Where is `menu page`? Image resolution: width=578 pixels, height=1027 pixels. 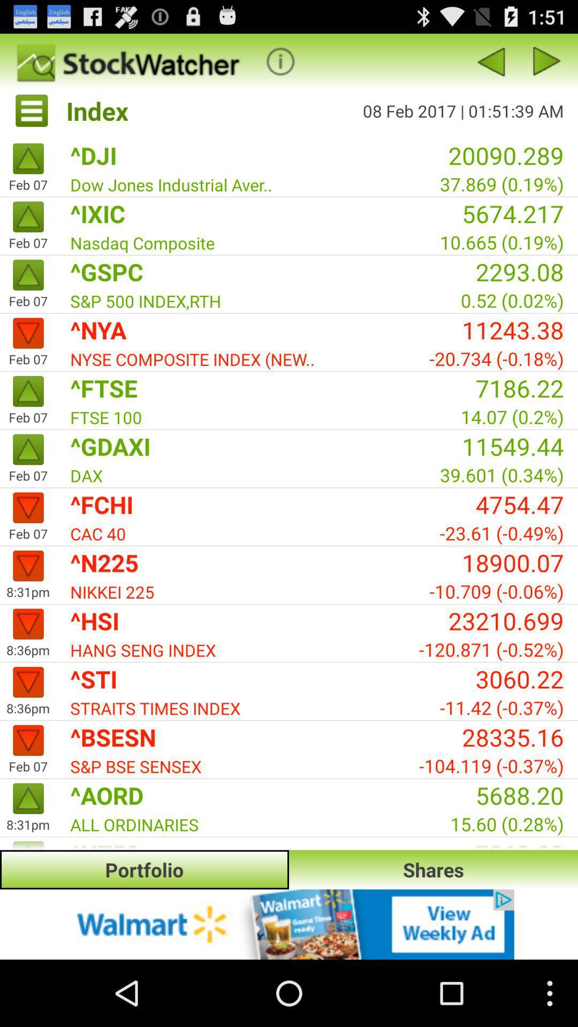 menu page is located at coordinates (547, 61).